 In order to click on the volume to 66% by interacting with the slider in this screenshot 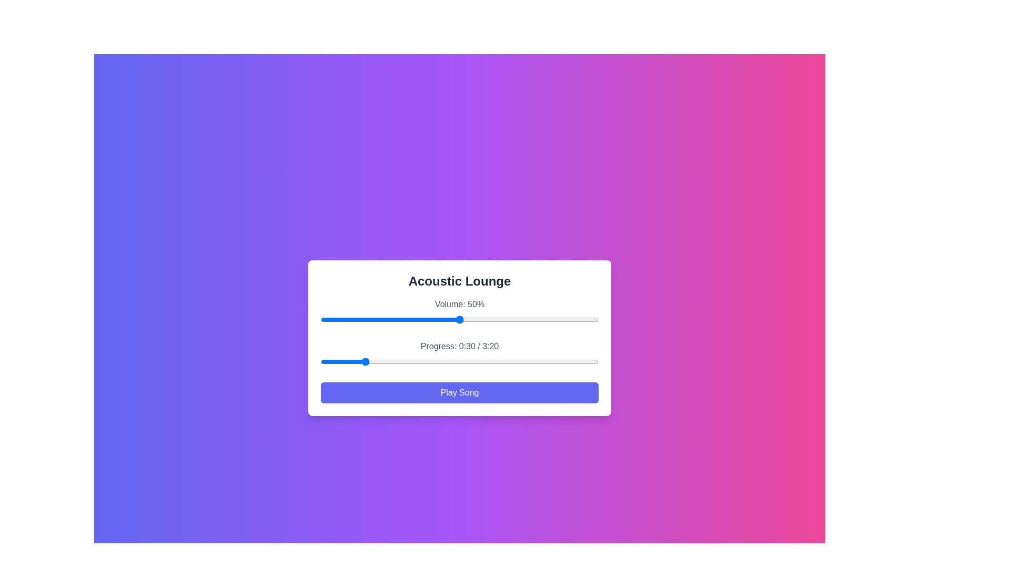, I will do `click(503, 319)`.